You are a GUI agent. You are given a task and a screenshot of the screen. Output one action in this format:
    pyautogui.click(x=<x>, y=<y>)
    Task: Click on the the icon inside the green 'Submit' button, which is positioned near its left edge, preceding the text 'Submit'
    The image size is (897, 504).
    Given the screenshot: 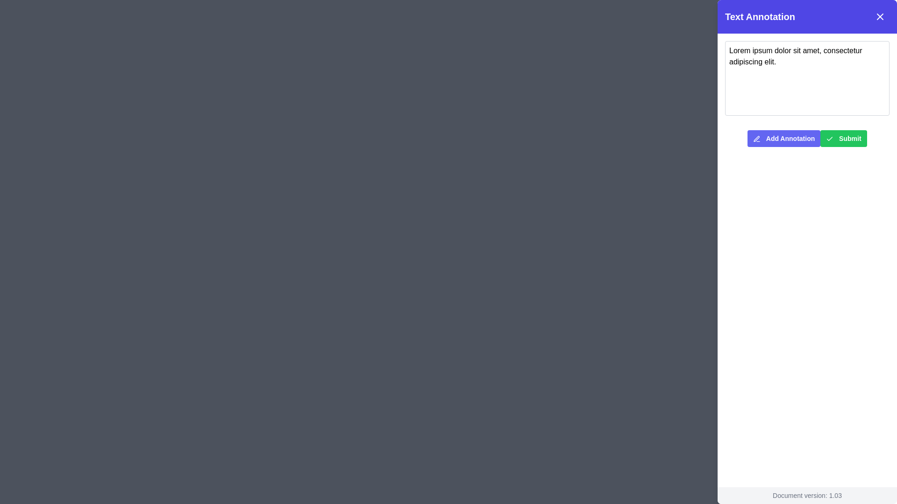 What is the action you would take?
    pyautogui.click(x=830, y=139)
    